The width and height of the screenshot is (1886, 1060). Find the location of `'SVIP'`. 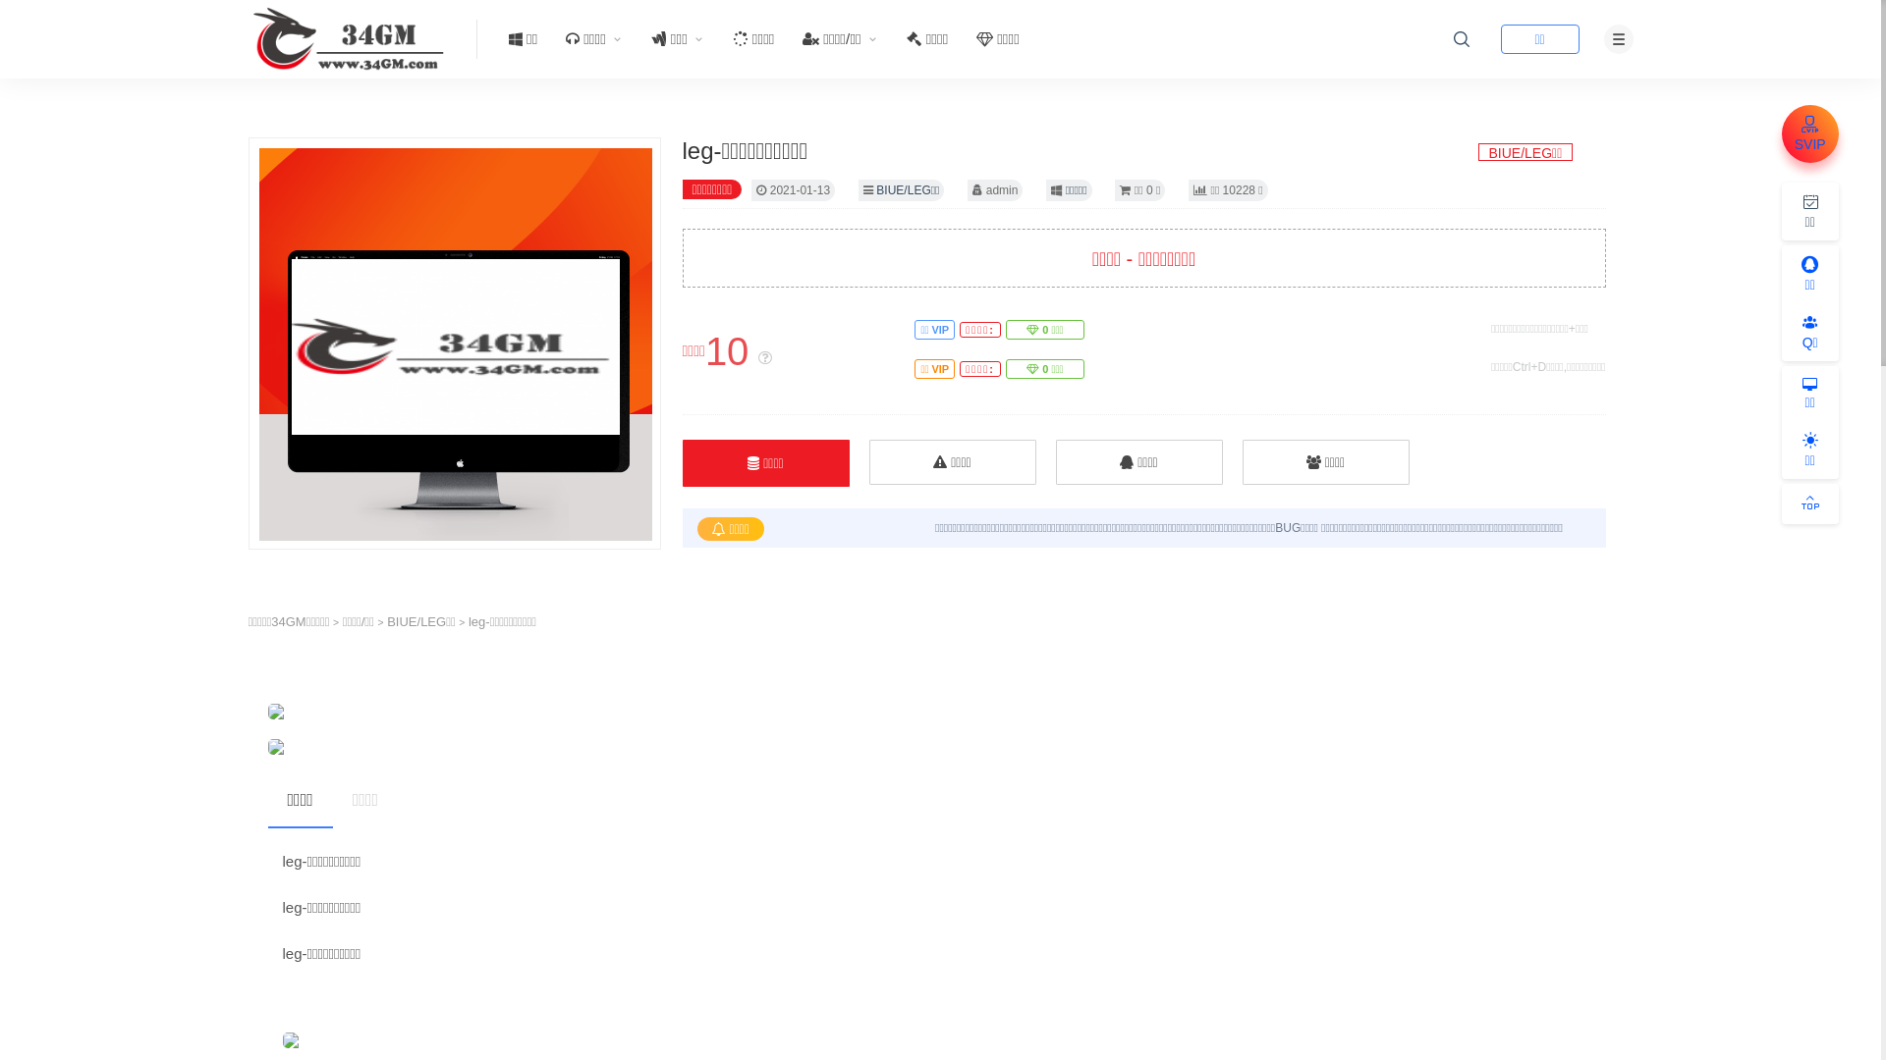

'SVIP' is located at coordinates (1782, 132).